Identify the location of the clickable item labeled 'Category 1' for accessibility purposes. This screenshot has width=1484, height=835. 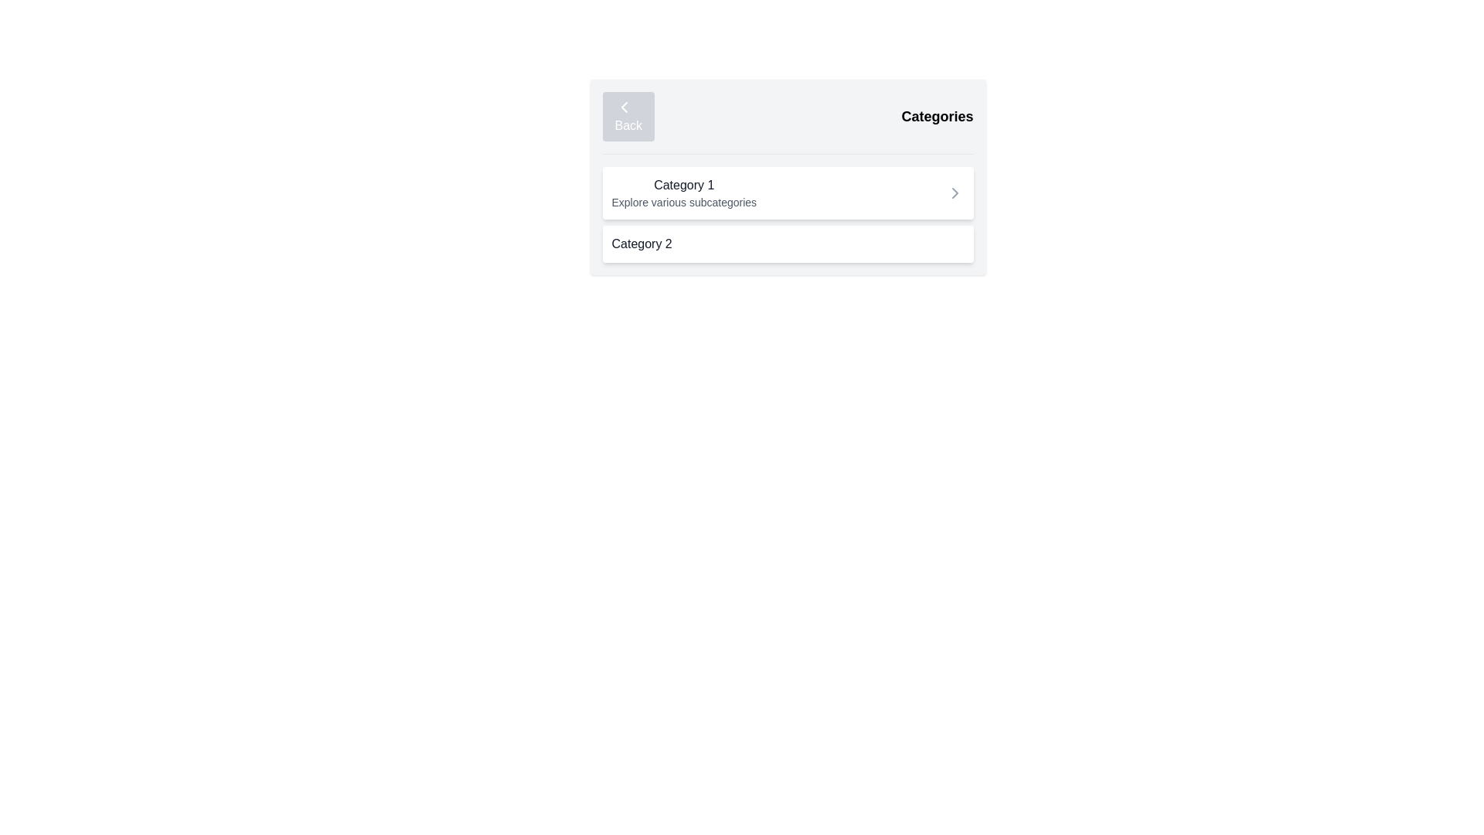
(788, 193).